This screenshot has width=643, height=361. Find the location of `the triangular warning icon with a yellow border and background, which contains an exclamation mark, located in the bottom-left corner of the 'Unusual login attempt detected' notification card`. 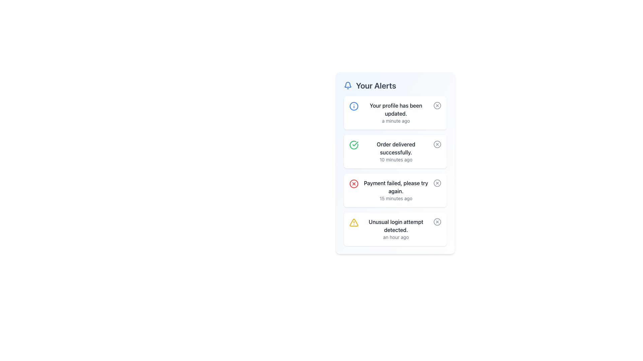

the triangular warning icon with a yellow border and background, which contains an exclamation mark, located in the bottom-left corner of the 'Unusual login attempt detected' notification card is located at coordinates (353, 223).